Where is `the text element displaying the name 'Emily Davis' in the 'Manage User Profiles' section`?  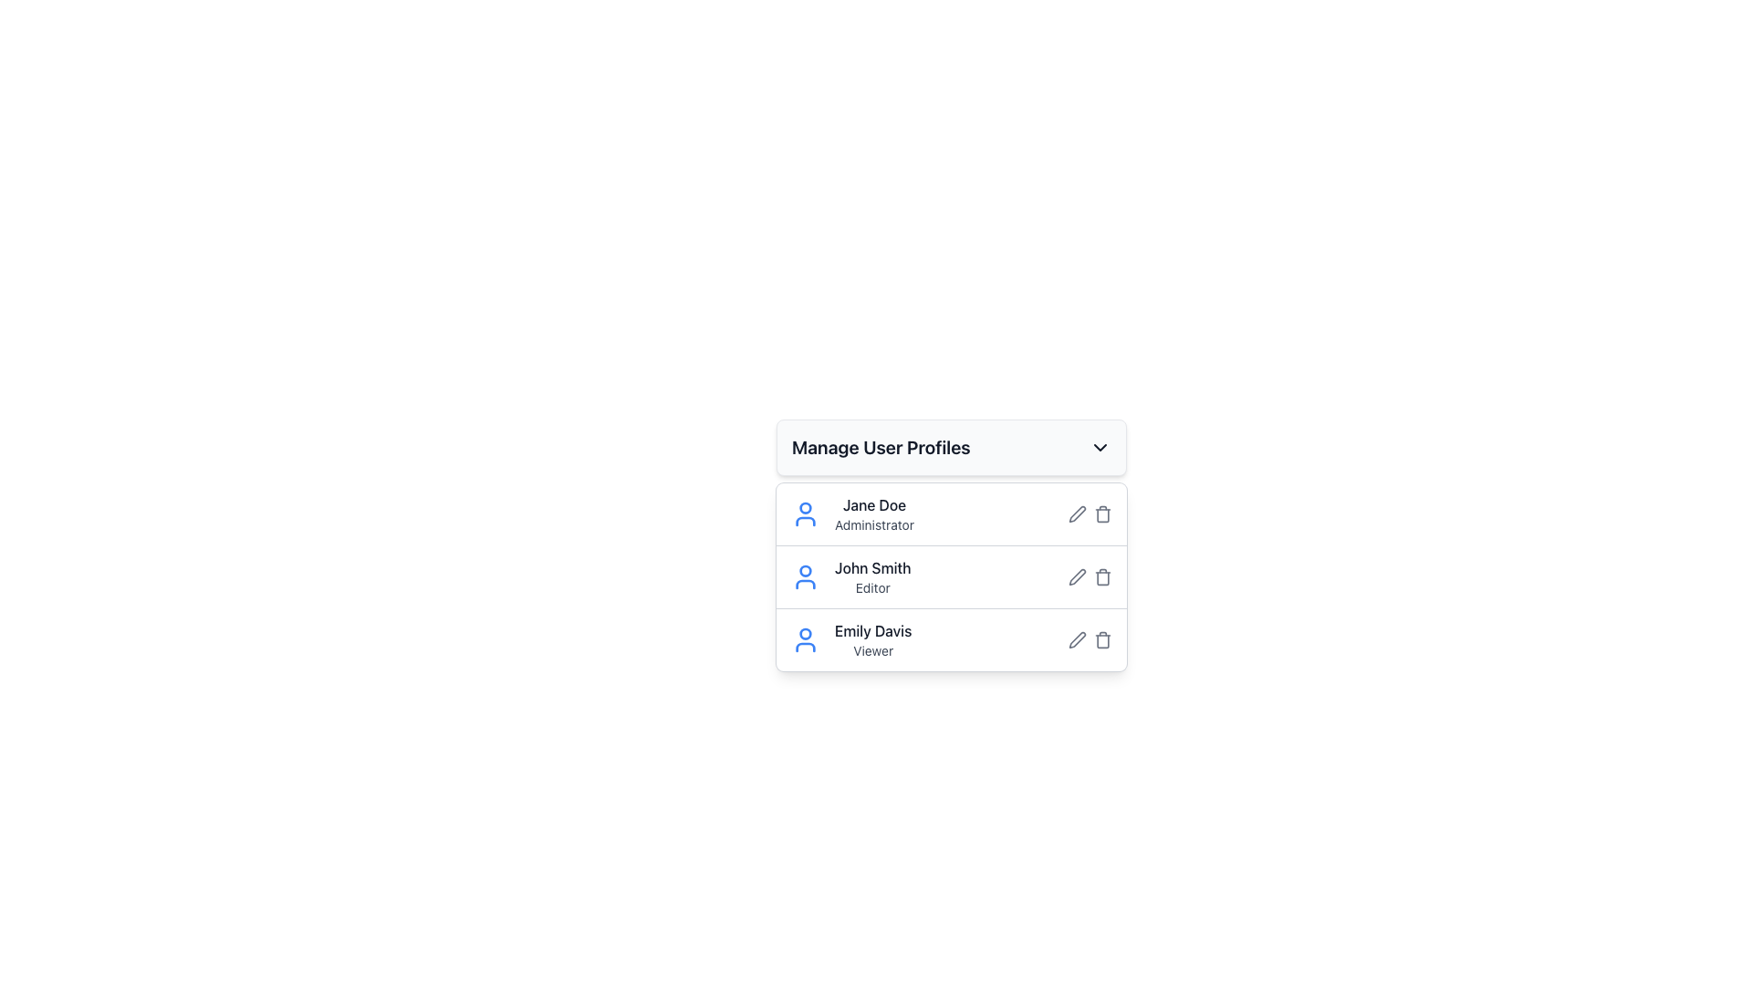 the text element displaying the name 'Emily Davis' in the 'Manage User Profiles' section is located at coordinates (872, 629).